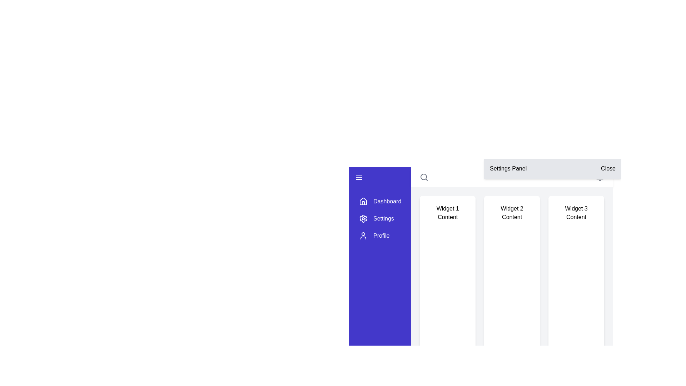 The height and width of the screenshot is (386, 686). What do you see at coordinates (380, 218) in the screenshot?
I see `the 'Settings' menu item located in the vertical navigation panel, which features a gear icon and a purple background` at bounding box center [380, 218].